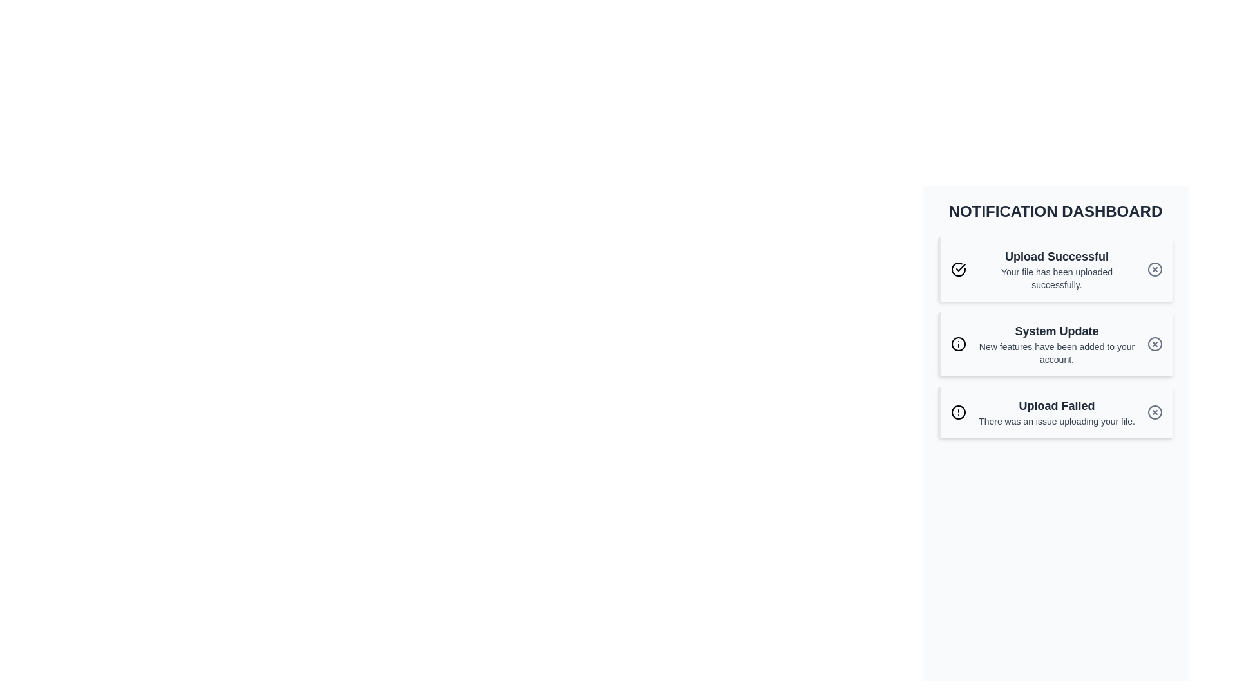 Image resolution: width=1237 pixels, height=695 pixels. What do you see at coordinates (959, 269) in the screenshot?
I see `the left circular segment of the icon indicating a successful action, located next to the text 'Upload Successful' in the first notification item on the right-hand panel` at bounding box center [959, 269].